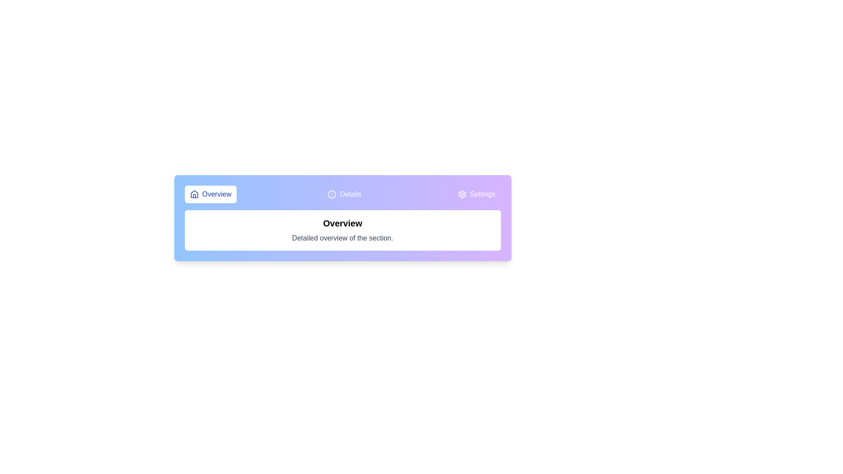 Image resolution: width=843 pixels, height=474 pixels. What do you see at coordinates (342, 238) in the screenshot?
I see `the static text label displaying 'Detailed overview of the section.' which is located beneath the heading 'Overview.'` at bounding box center [342, 238].